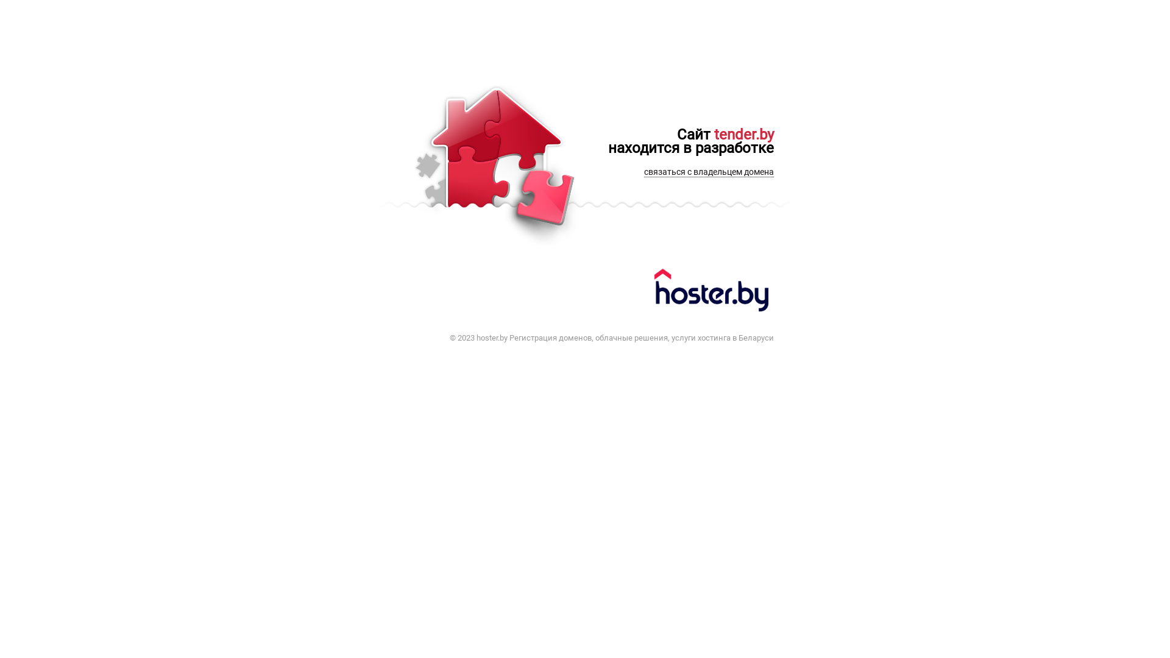 Image resolution: width=1170 pixels, height=658 pixels. I want to click on 'hoster.by', so click(492, 338).